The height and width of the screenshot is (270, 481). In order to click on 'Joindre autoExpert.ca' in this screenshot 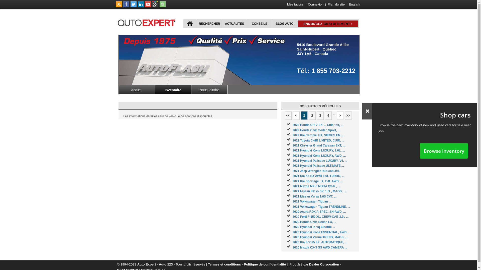, I will do `click(159, 6)`.